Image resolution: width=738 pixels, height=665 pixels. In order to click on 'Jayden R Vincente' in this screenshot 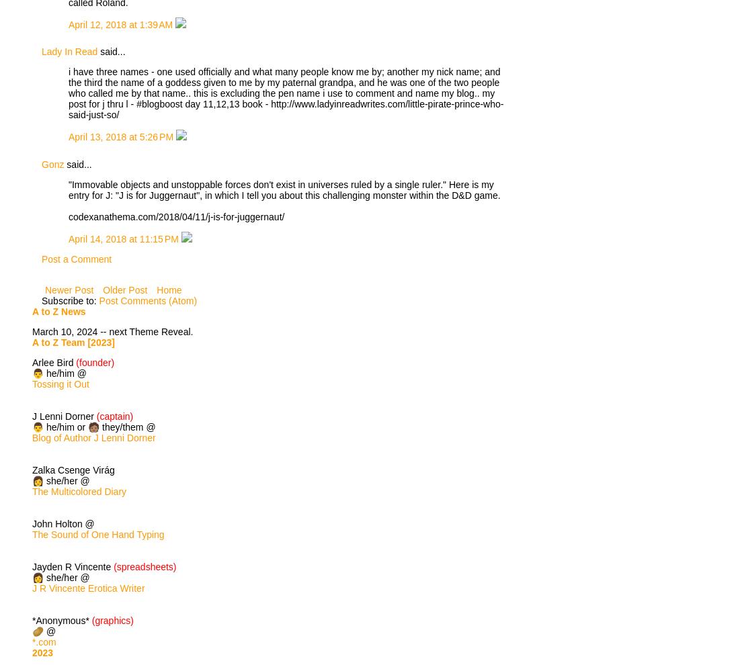, I will do `click(73, 566)`.